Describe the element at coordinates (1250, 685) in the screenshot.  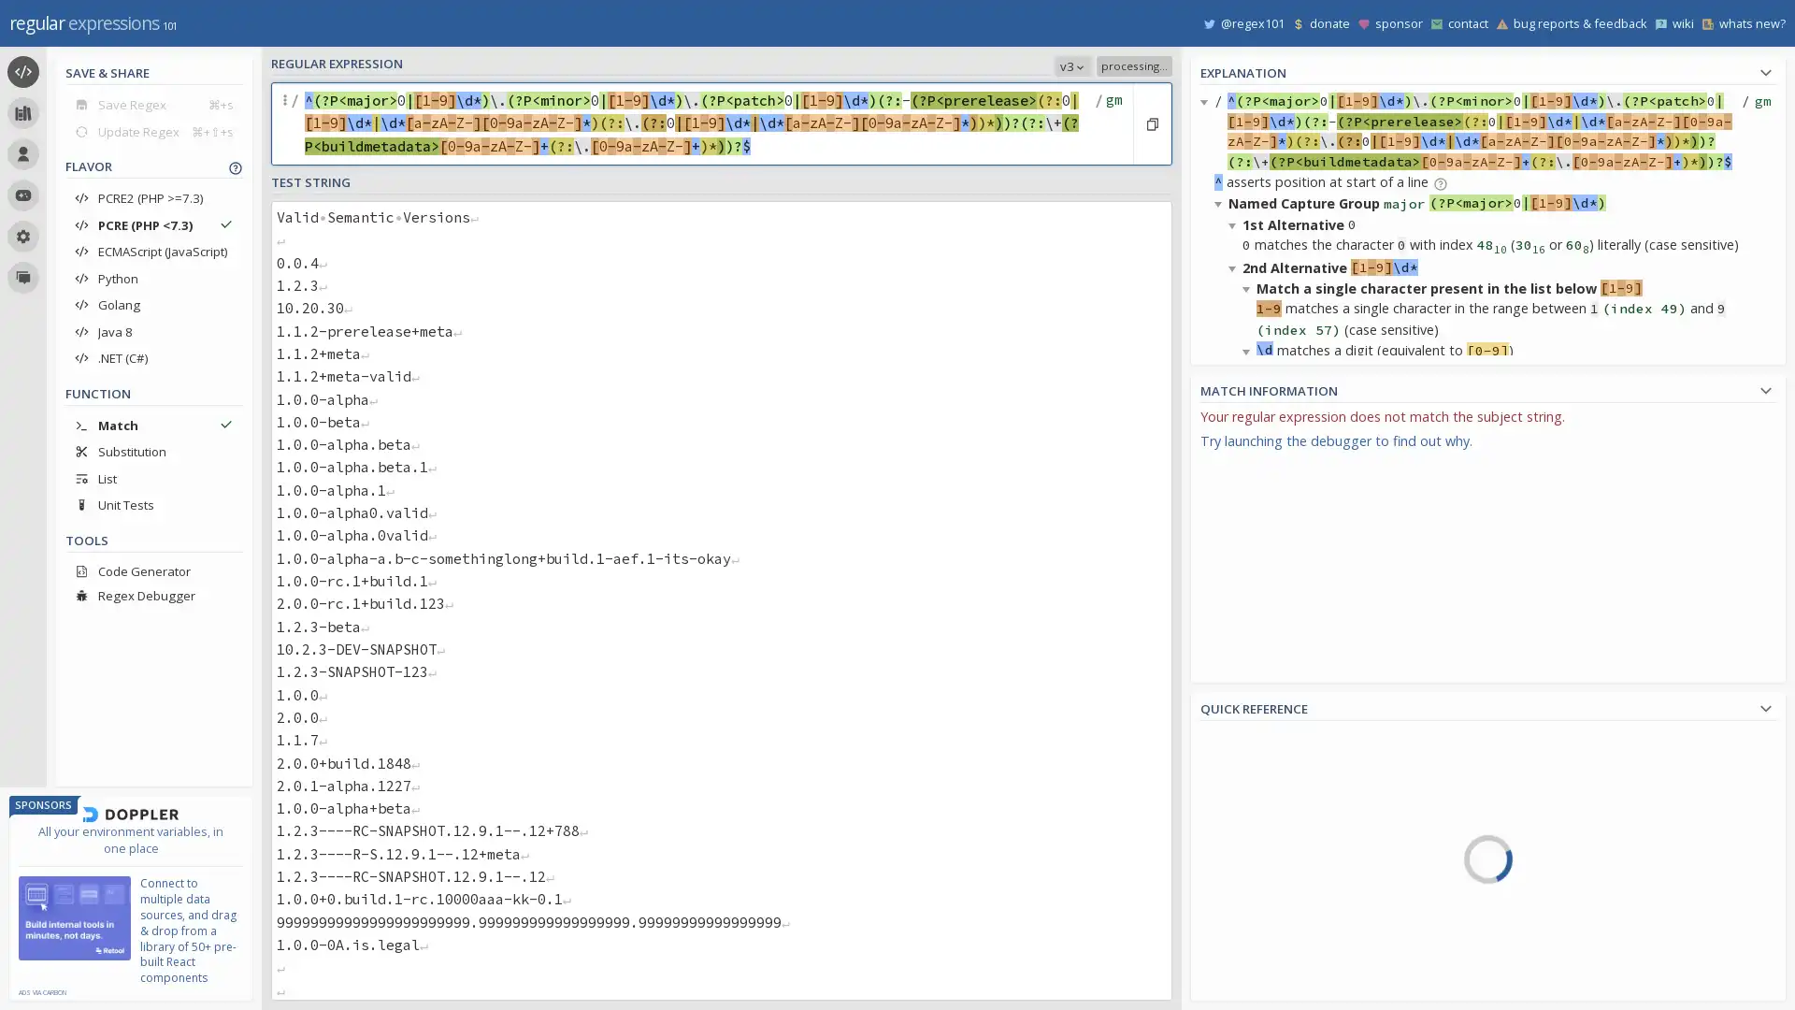
I see `Group patch` at that location.